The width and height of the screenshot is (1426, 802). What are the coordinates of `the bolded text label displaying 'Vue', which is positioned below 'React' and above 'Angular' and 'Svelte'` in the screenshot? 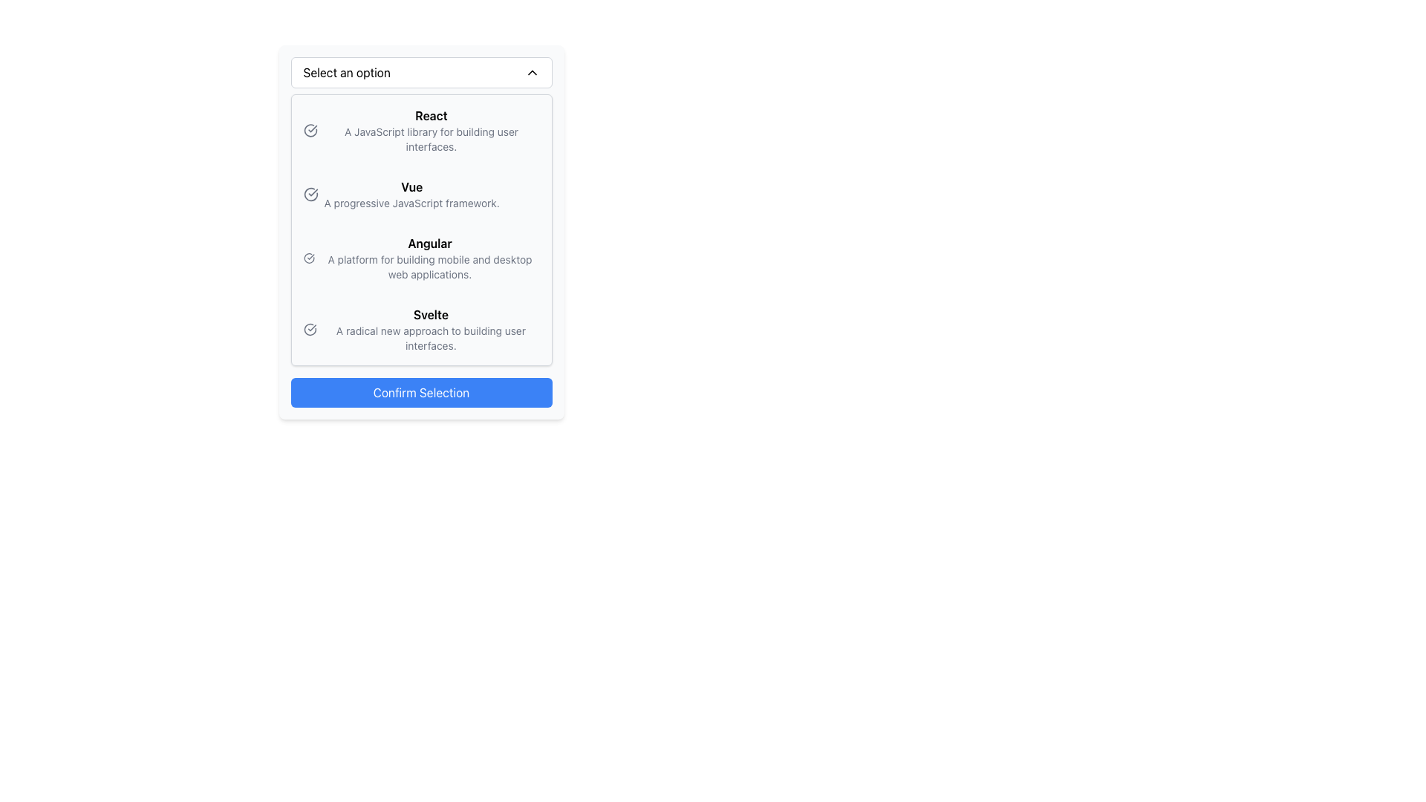 It's located at (411, 186).